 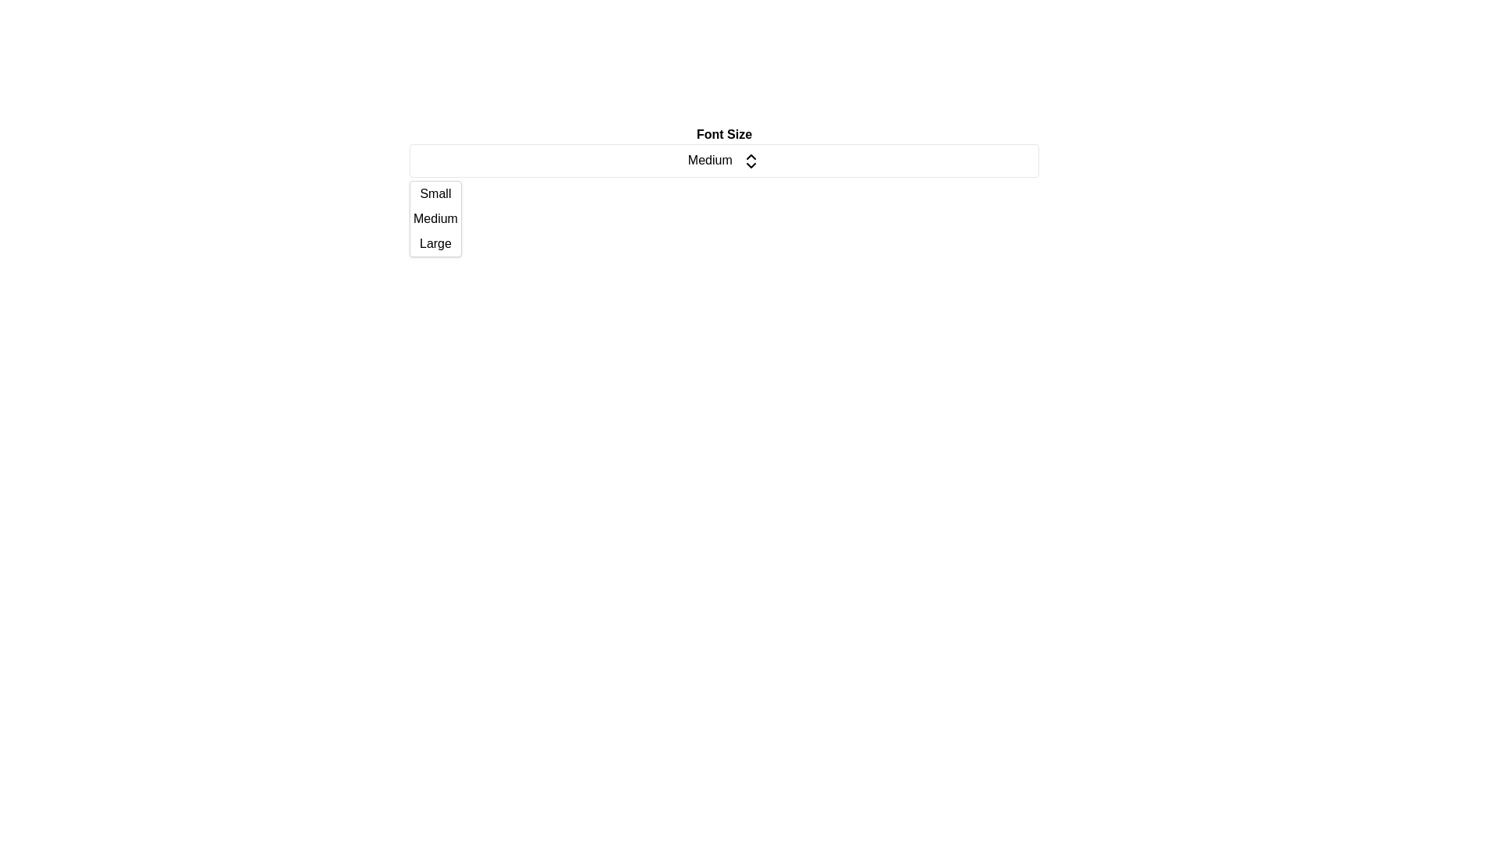 I want to click on to select the 'Medium' option in the dropdown menu, which is the second item in a vertical list of three options: 'Small', 'Medium', and 'Large', so click(x=435, y=218).